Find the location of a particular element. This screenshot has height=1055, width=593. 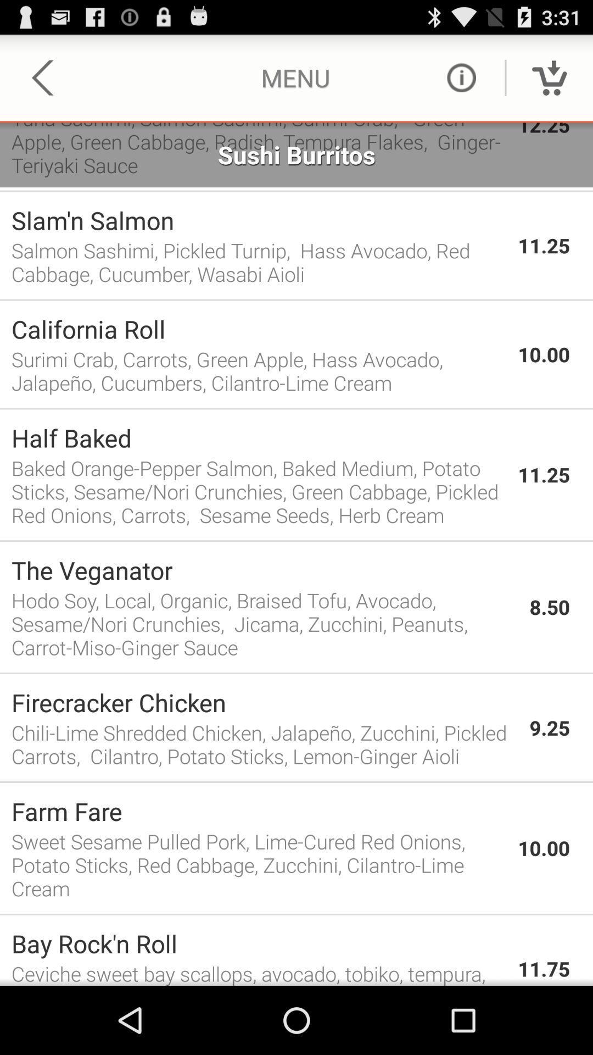

the icon next to 11.25 icon is located at coordinates (259, 491).